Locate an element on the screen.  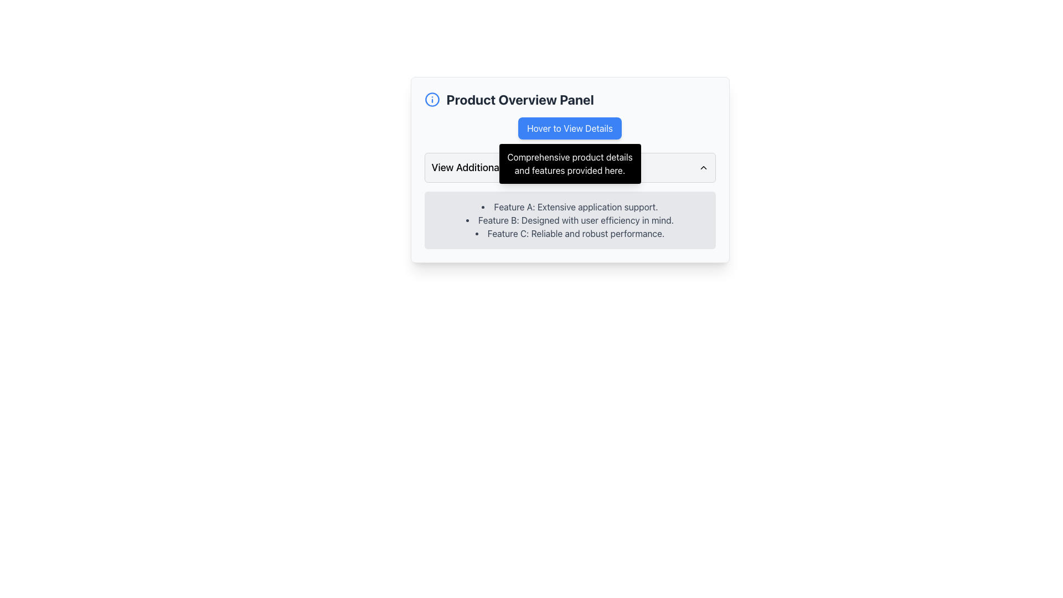
the button located in the 'Product Overview Panel' that reveals additional product details, positioned below the title and above 'View Additional Features' is located at coordinates (570, 127).